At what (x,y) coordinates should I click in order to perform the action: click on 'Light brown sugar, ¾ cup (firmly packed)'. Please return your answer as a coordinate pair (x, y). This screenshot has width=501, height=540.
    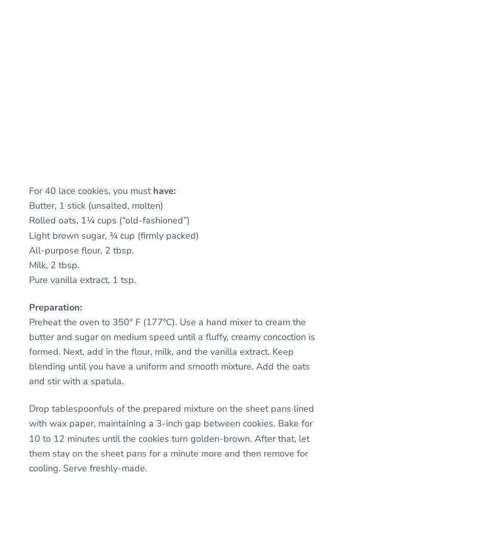
    Looking at the image, I should click on (114, 235).